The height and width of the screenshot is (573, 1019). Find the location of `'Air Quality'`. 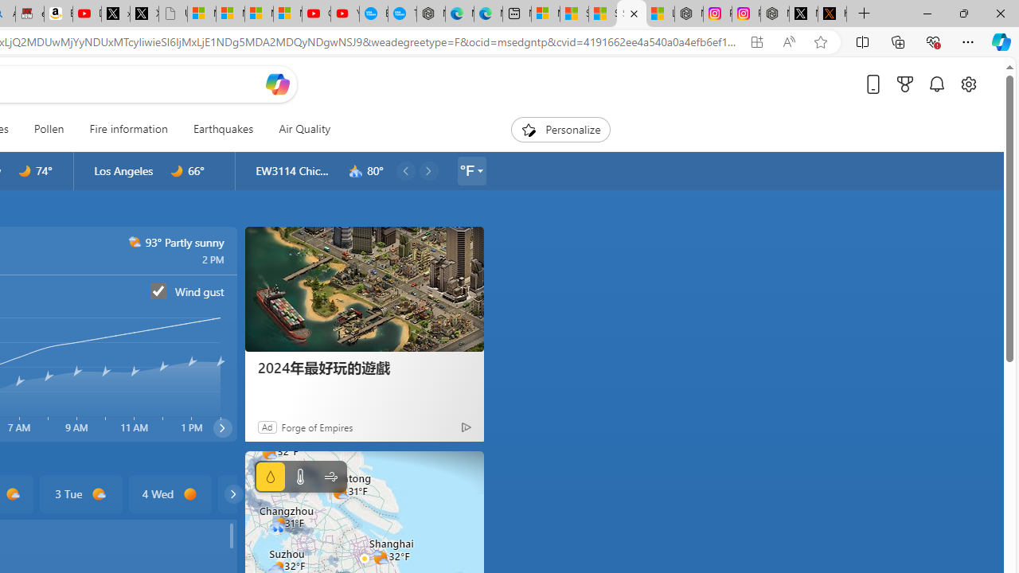

'Air Quality' is located at coordinates (299, 129).